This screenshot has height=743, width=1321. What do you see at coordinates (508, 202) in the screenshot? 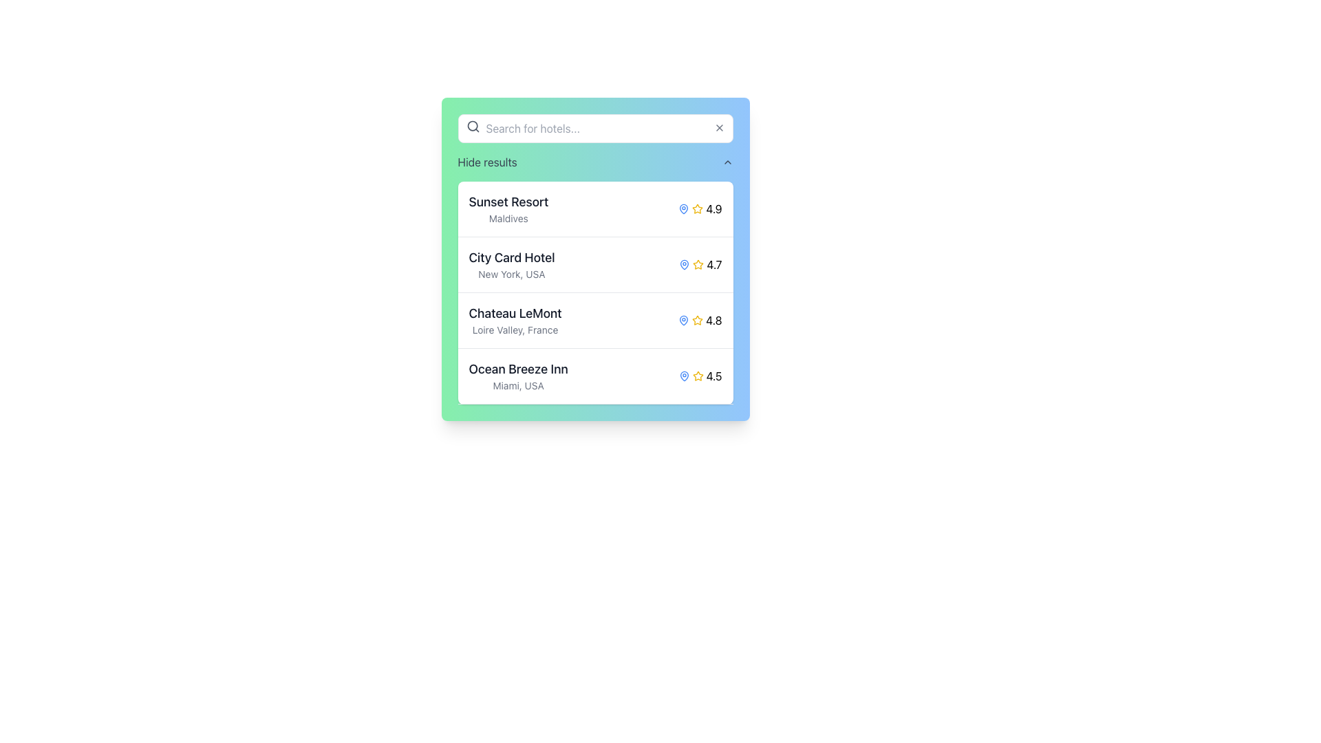
I see `text label displaying 'Sunset Resort' in bold font at the top-left corner of the hotel entries list` at bounding box center [508, 202].